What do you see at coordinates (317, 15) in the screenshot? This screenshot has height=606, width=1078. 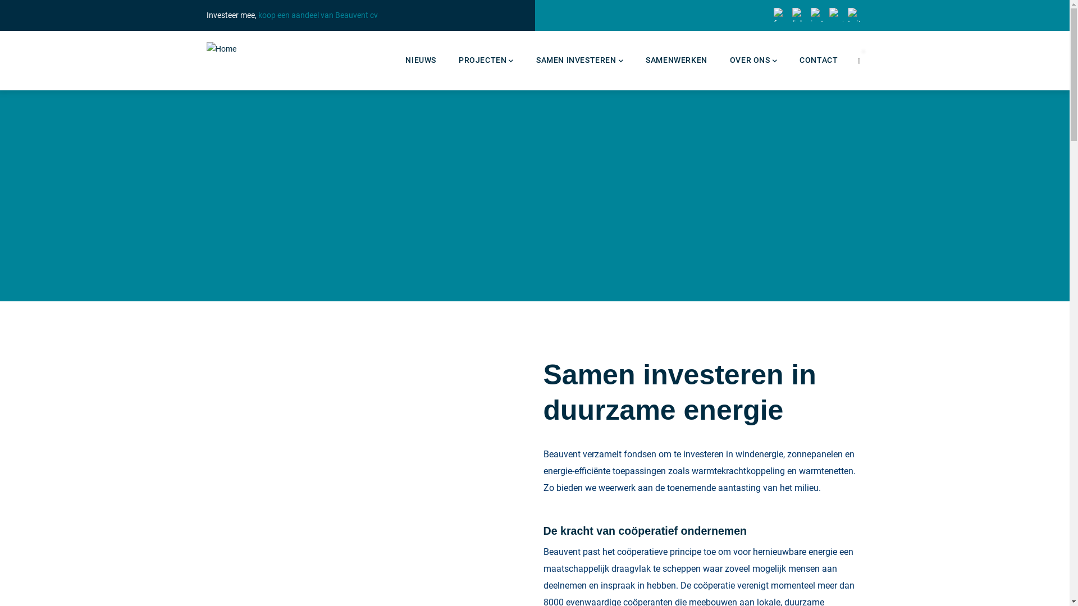 I see `'koop een aandeel van Beauvent cv'` at bounding box center [317, 15].